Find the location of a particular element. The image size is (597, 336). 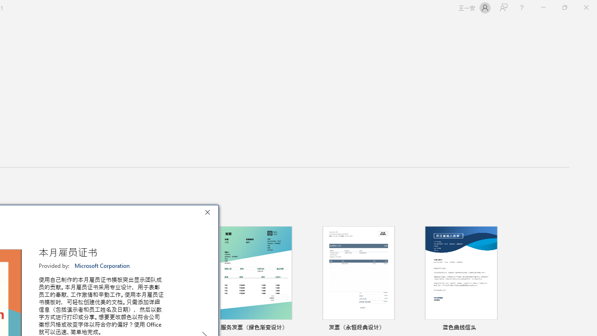

'Microsoft Corporation' is located at coordinates (103, 266).